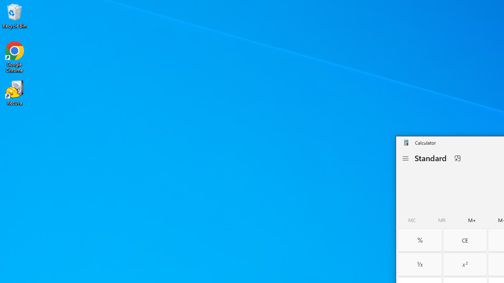 The height and width of the screenshot is (283, 504). Describe the element at coordinates (405, 158) in the screenshot. I see `'Open Navigation'` at that location.